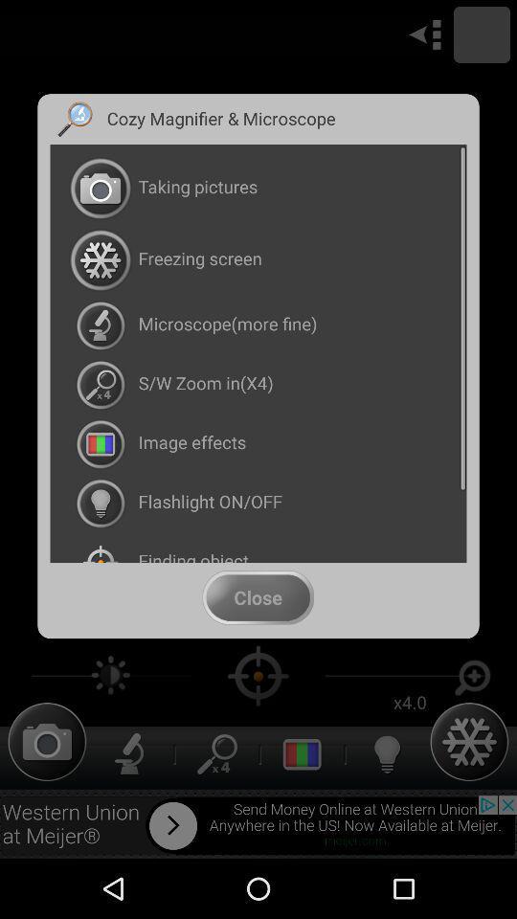 The height and width of the screenshot is (919, 517). I want to click on close, so click(258, 596).